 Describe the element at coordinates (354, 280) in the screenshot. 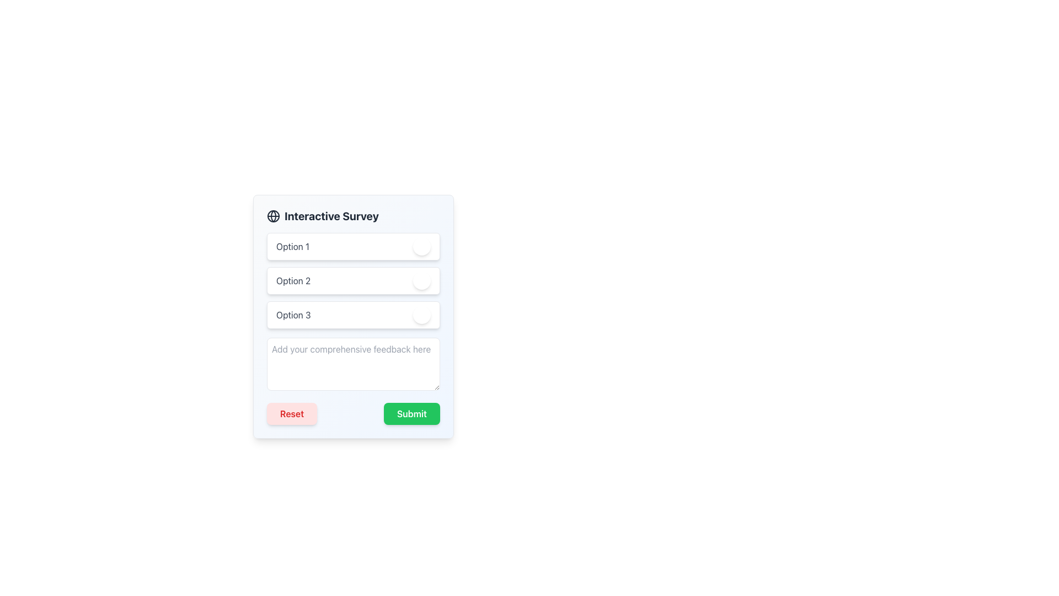

I see `the circular interactive indicator on the right side of the Interactive Option Section labeled 'Option 2'` at that location.